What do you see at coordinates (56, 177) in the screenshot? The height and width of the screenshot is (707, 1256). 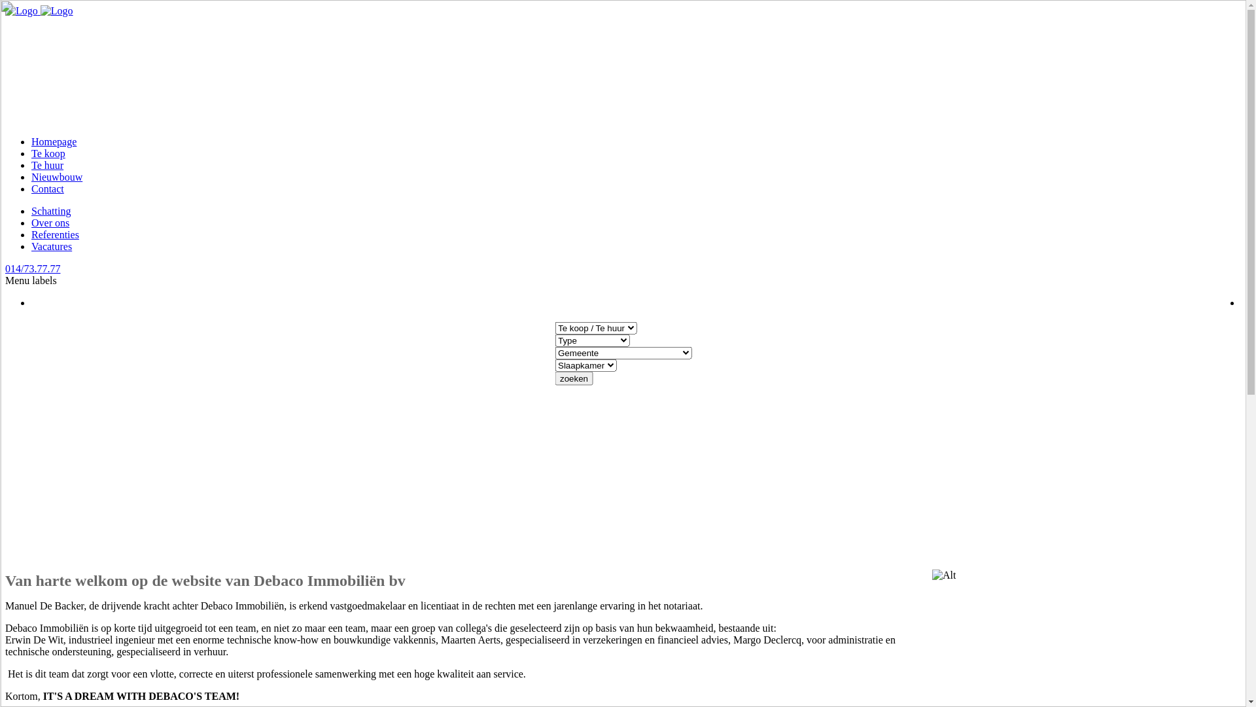 I see `'Nieuwbouw'` at bounding box center [56, 177].